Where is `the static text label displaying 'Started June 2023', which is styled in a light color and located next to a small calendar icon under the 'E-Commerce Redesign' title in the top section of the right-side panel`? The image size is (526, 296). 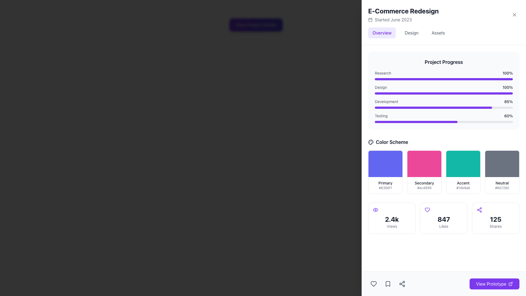
the static text label displaying 'Started June 2023', which is styled in a light color and located next to a small calendar icon under the 'E-Commerce Redesign' title in the top section of the right-side panel is located at coordinates (393, 19).